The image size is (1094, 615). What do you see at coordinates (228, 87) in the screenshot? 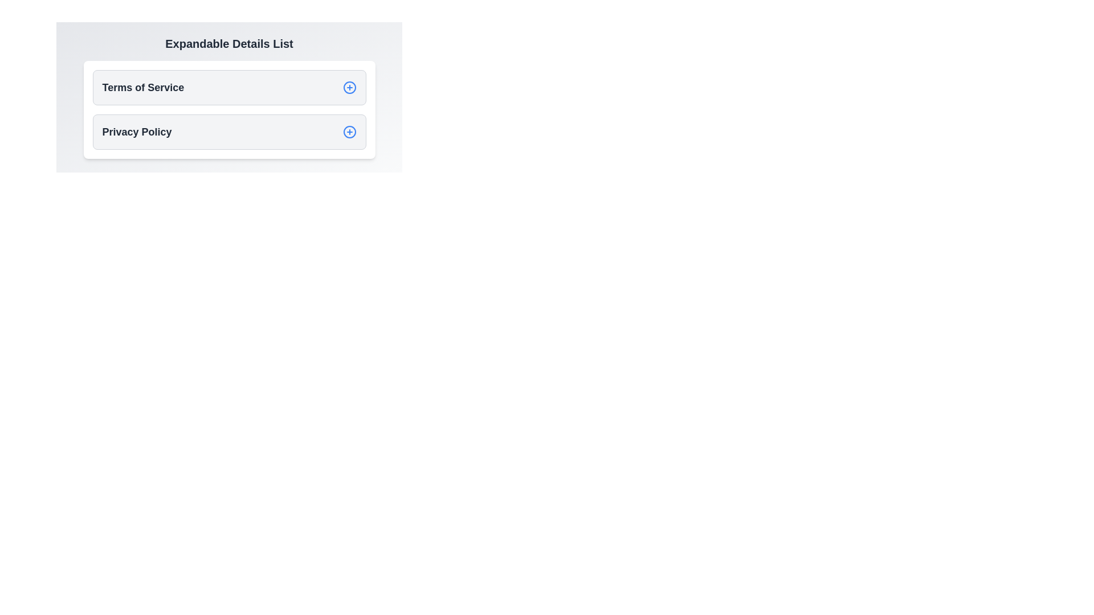
I see `the first entry in the expandable list item for 'Terms of Service'` at bounding box center [228, 87].